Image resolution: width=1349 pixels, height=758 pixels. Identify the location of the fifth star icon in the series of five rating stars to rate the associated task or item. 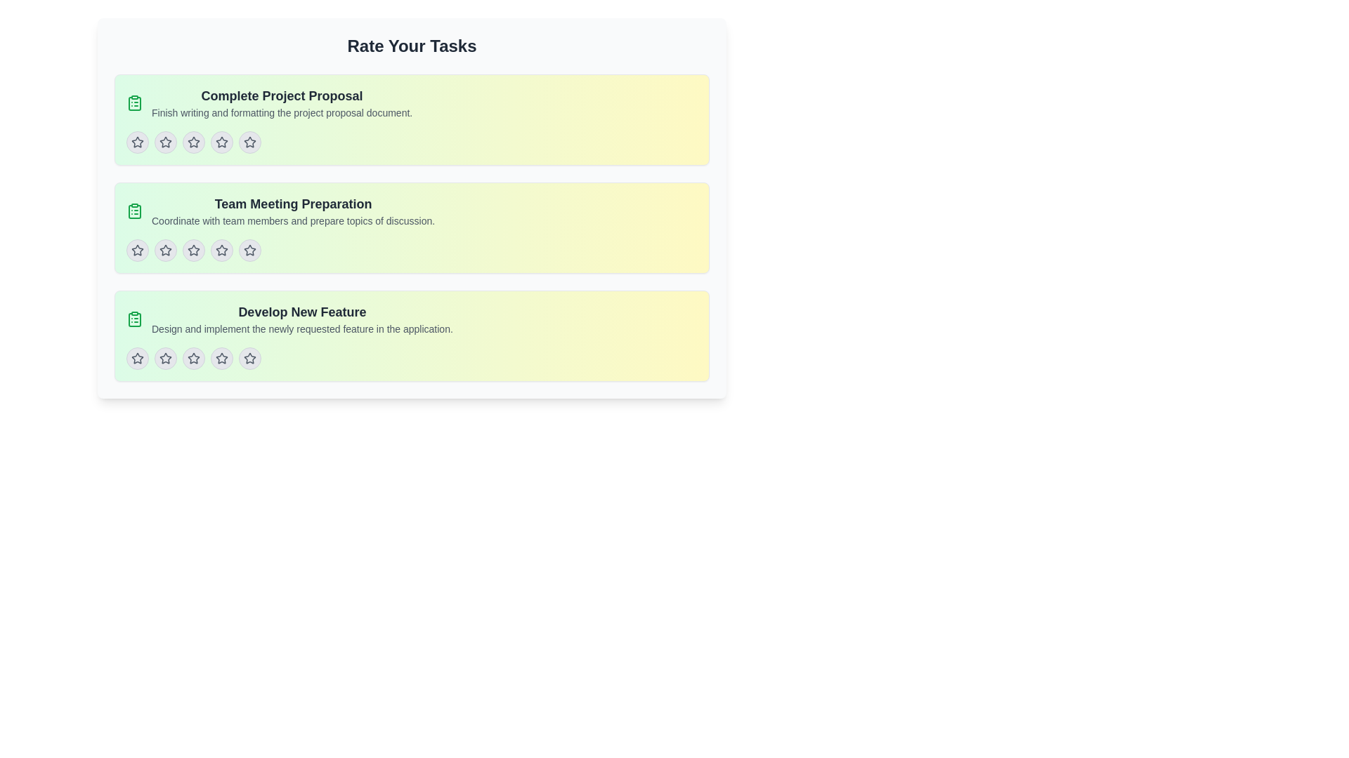
(249, 357).